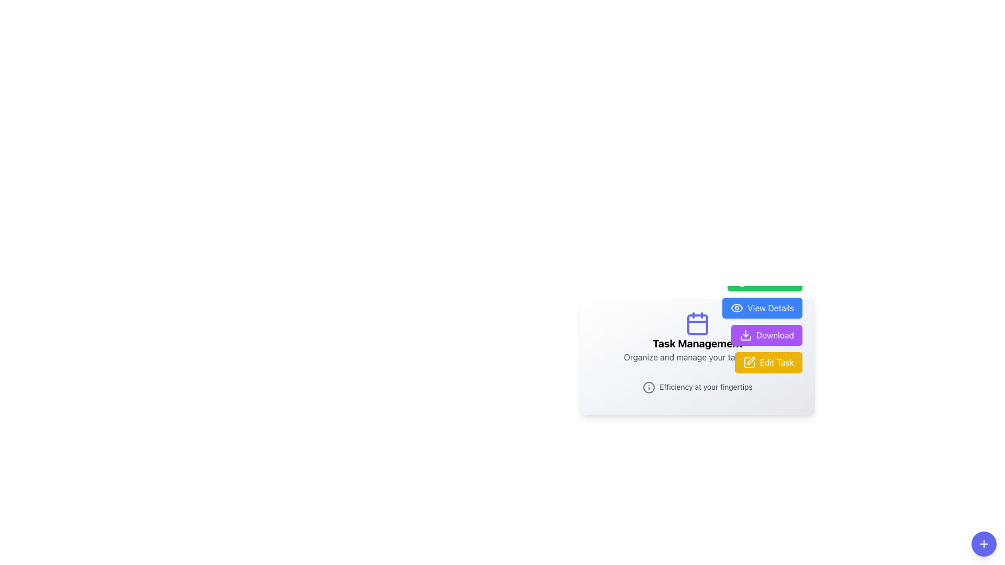 Image resolution: width=1005 pixels, height=565 pixels. I want to click on the 'Mark Done' text label located on the right side of the green button bar at the top of the action buttons, so click(773, 280).